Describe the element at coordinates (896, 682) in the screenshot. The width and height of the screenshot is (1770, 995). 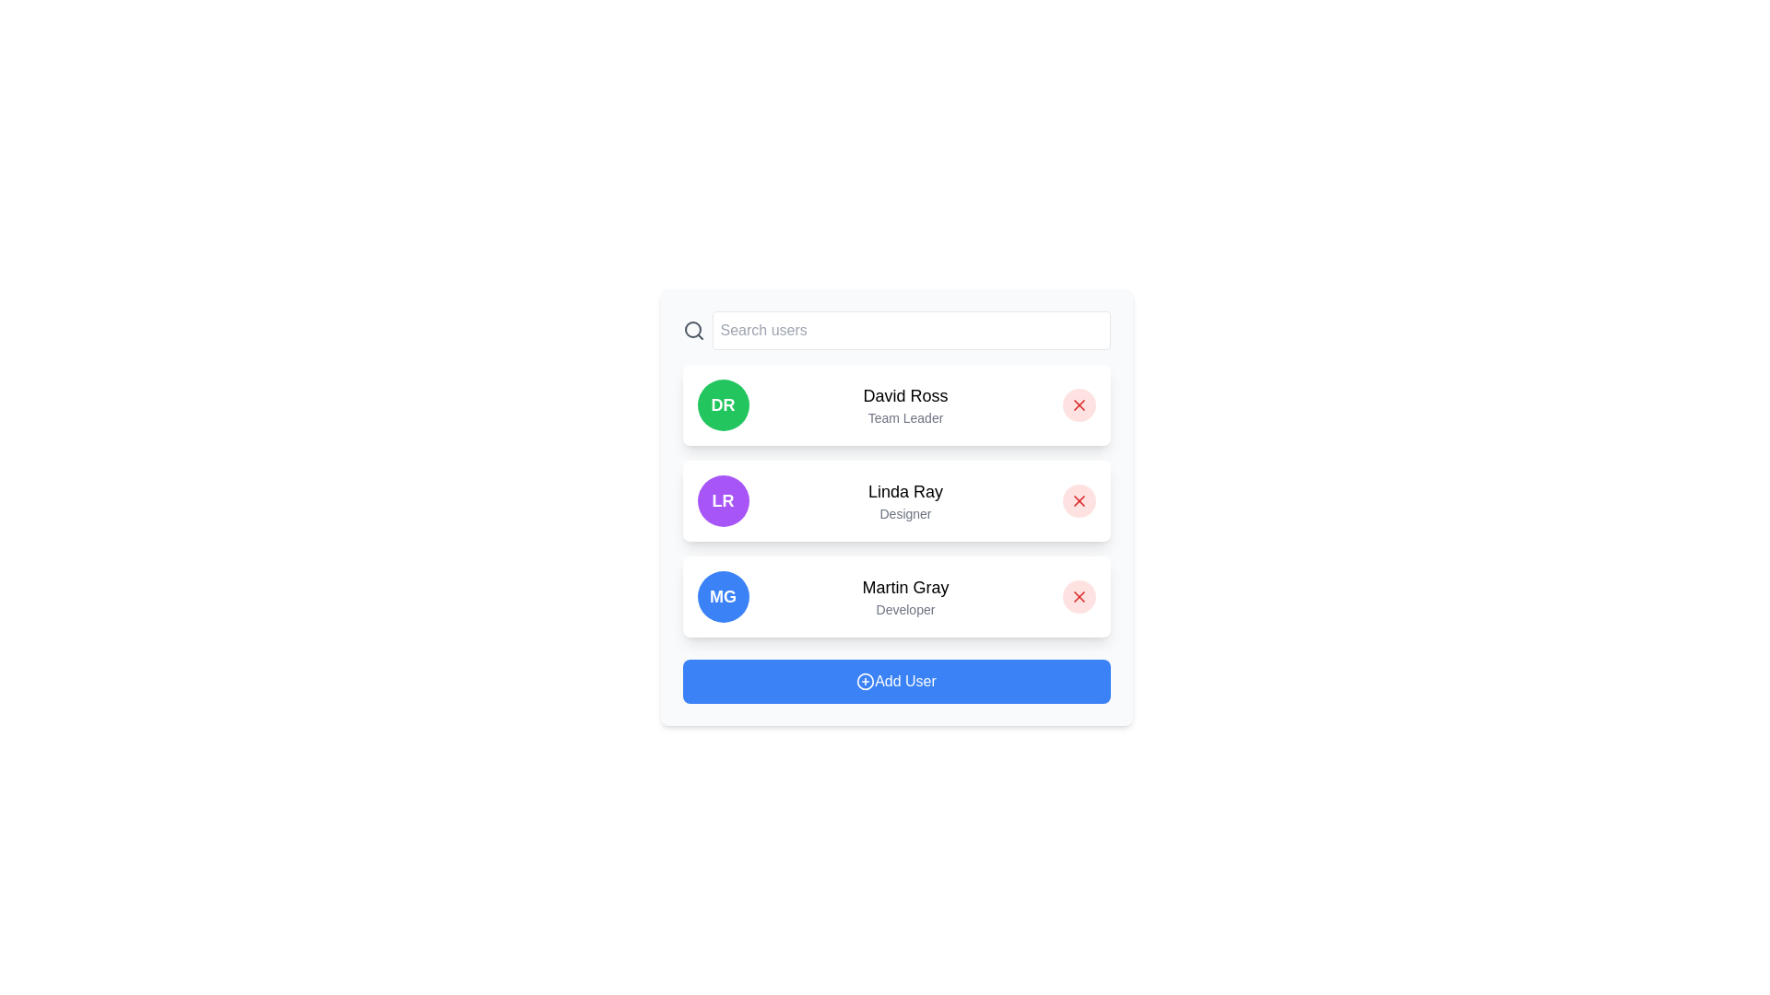
I see `the 'Add User' button with a blue background and white text` at that location.